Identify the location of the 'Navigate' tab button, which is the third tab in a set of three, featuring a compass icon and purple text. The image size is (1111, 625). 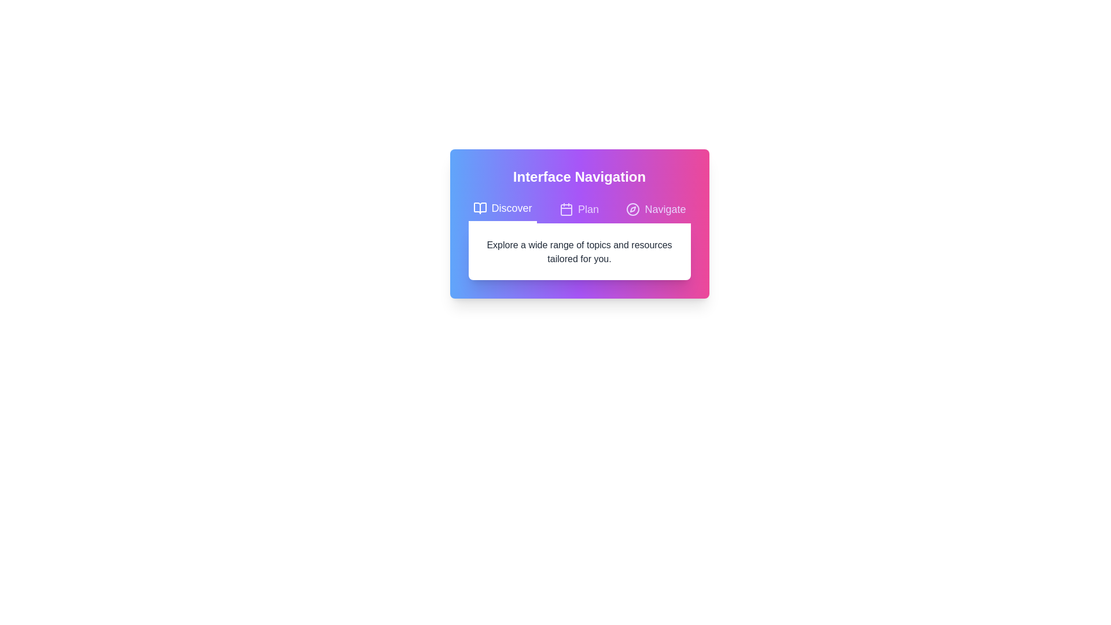
(656, 209).